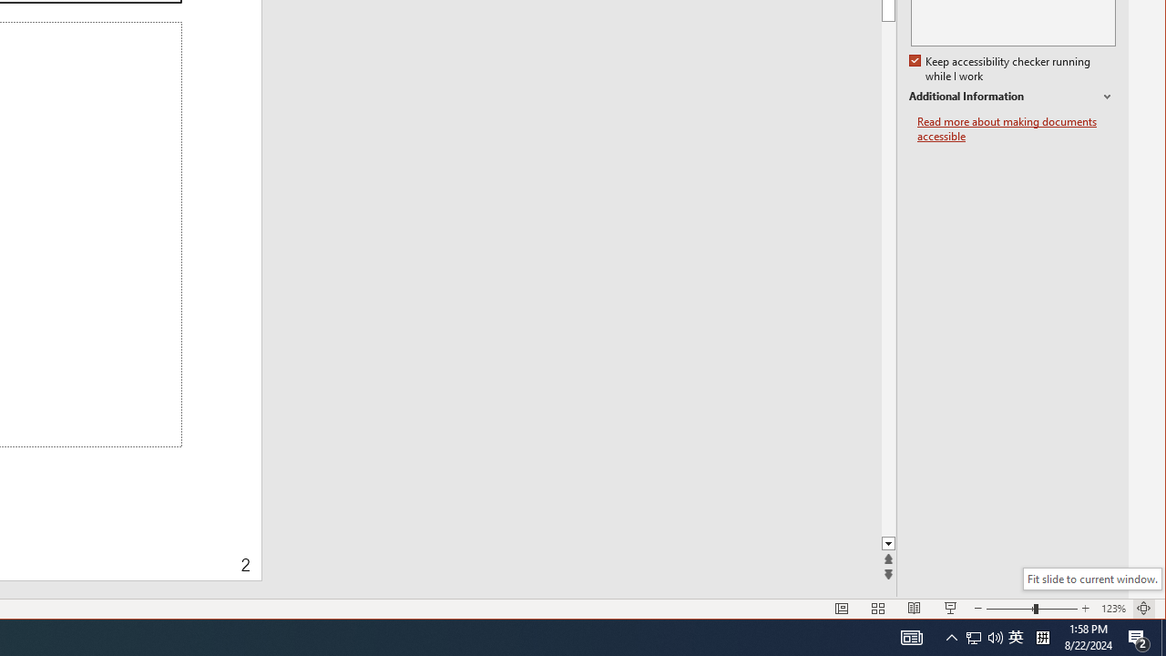 The height and width of the screenshot is (656, 1166). What do you see at coordinates (1016, 128) in the screenshot?
I see `'Read more about making documents accessible'` at bounding box center [1016, 128].